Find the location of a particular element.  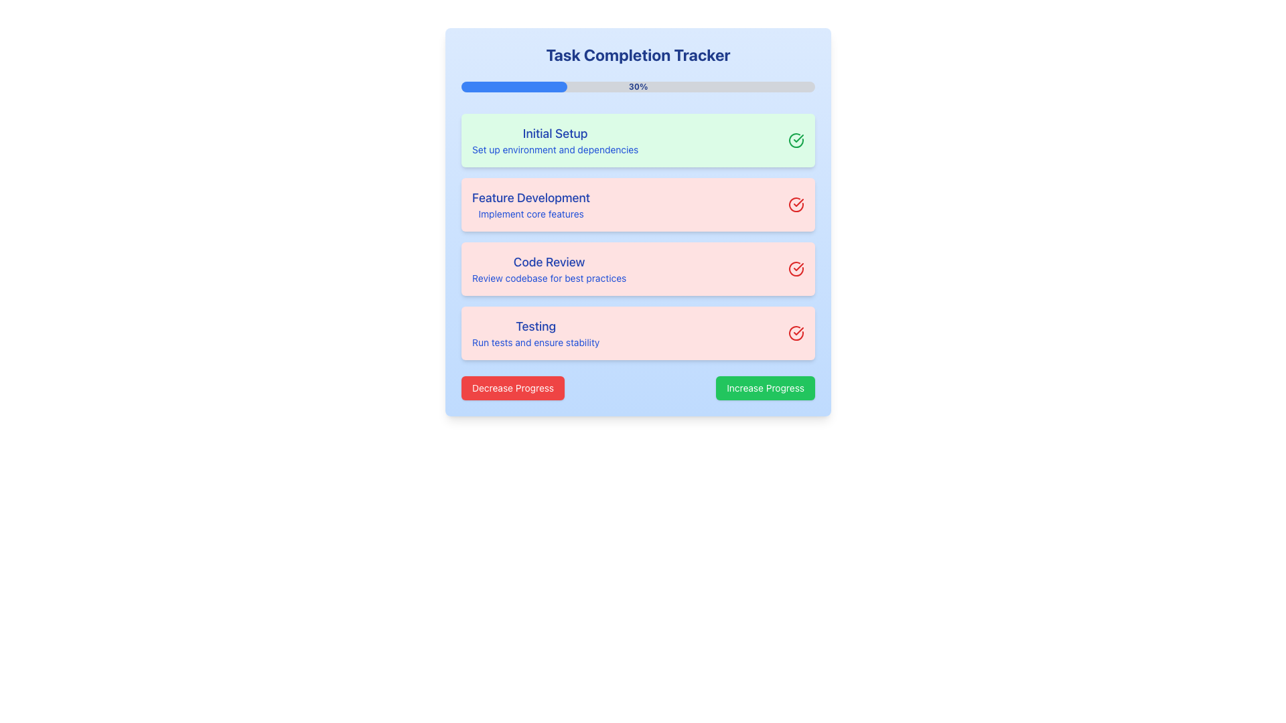

the red circular checkmark icon located to the right of the 'Feature Development' text in the task list is located at coordinates (796, 204).